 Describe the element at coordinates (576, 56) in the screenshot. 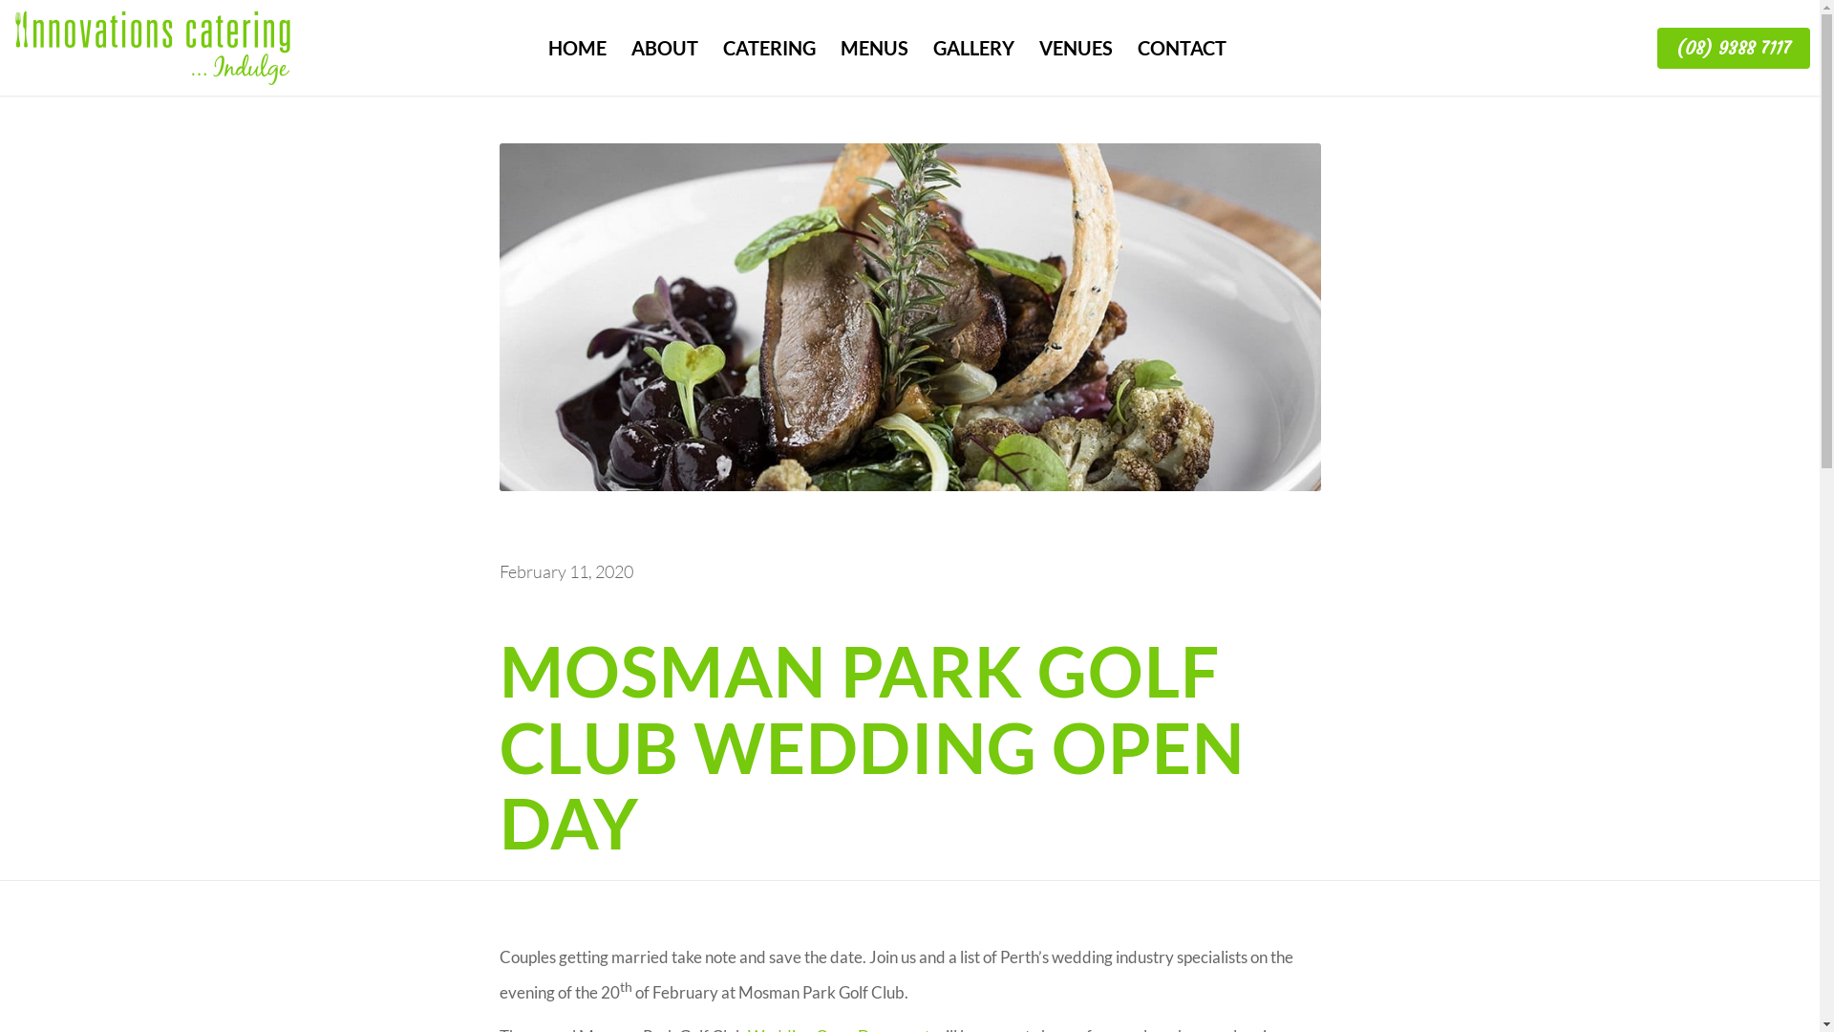

I see `'HOME'` at that location.